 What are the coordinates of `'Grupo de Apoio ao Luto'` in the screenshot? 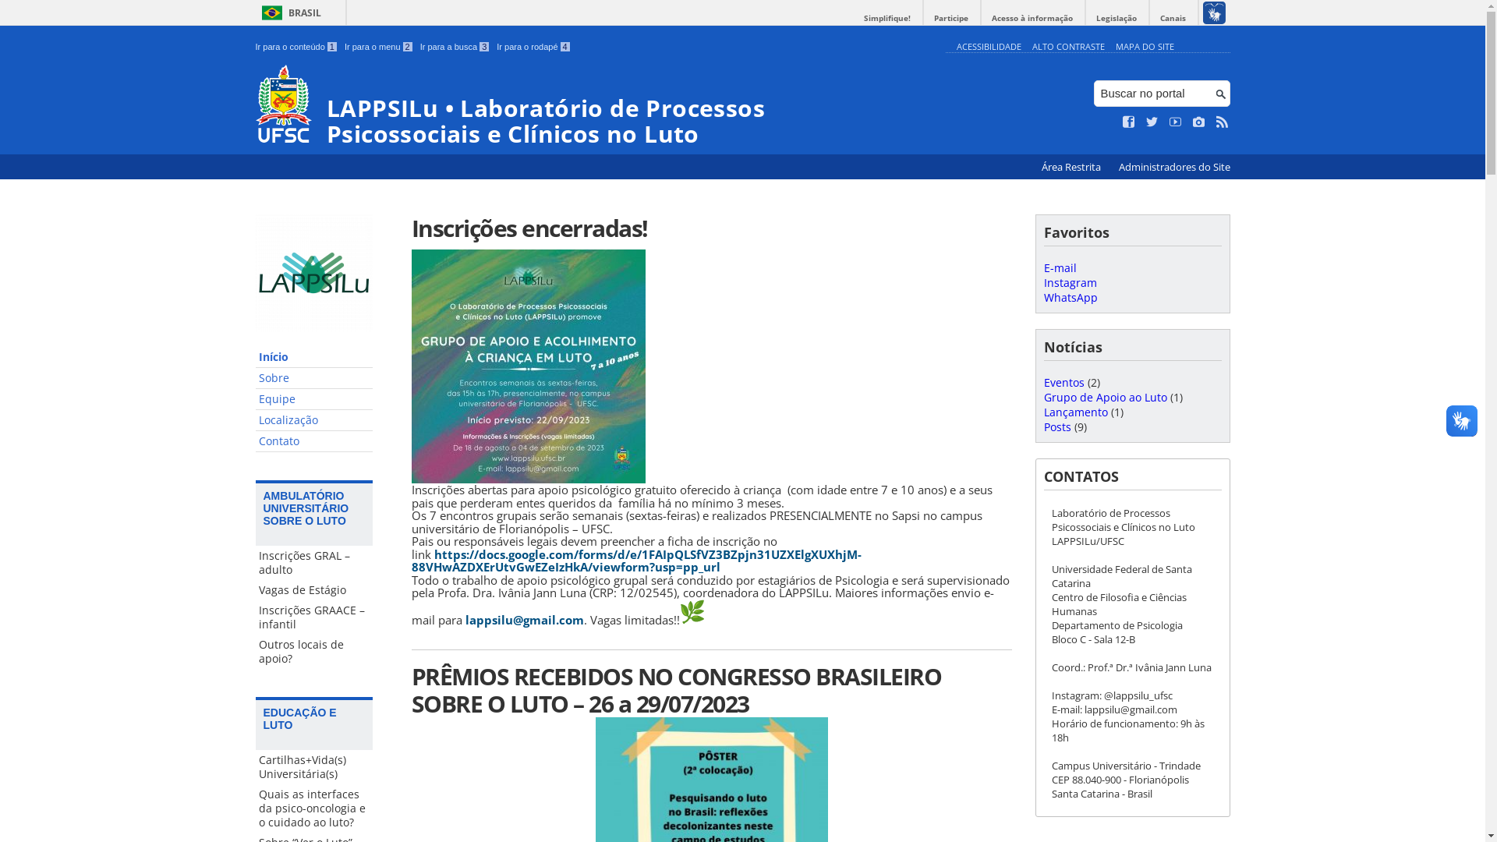 It's located at (1103, 396).